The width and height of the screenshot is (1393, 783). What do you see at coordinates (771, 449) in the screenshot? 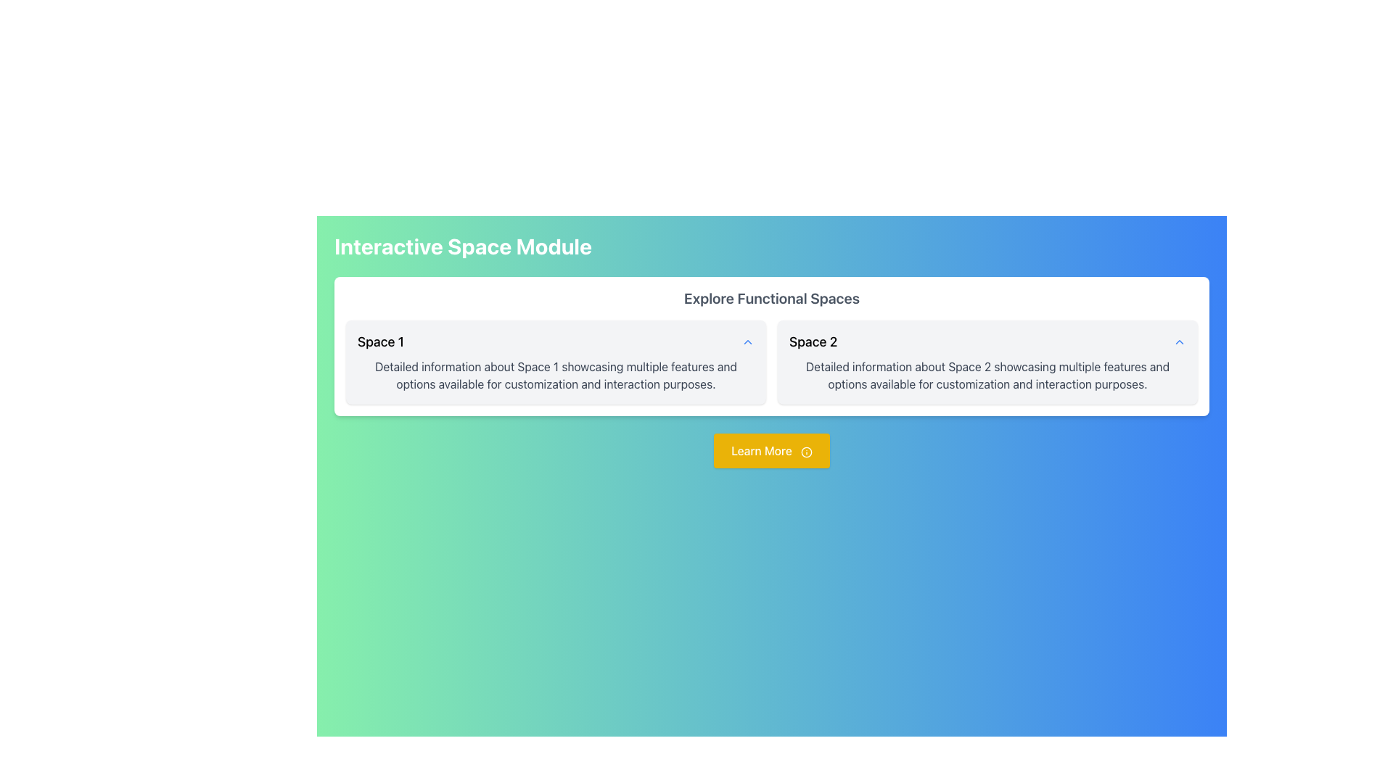
I see `the prominent button located centrally at the bottom of the interface, below 'Space 1' and 'Space 2', to observe the color transition` at bounding box center [771, 449].